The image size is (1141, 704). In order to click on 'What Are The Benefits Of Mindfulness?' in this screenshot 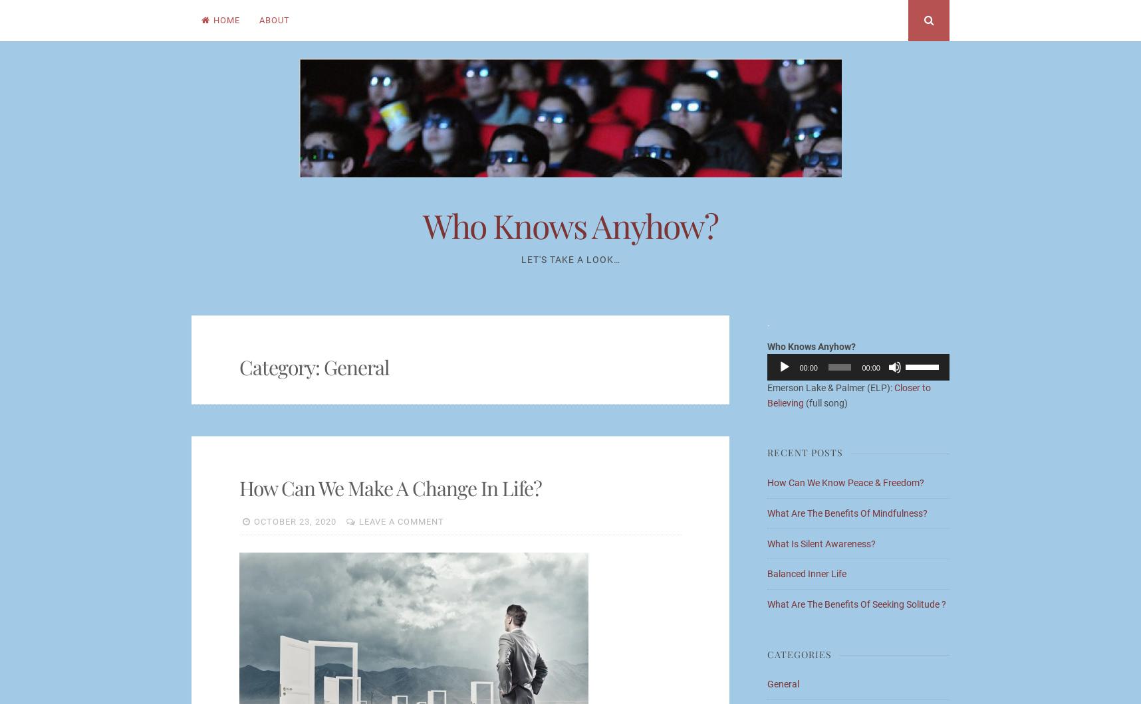, I will do `click(847, 511)`.